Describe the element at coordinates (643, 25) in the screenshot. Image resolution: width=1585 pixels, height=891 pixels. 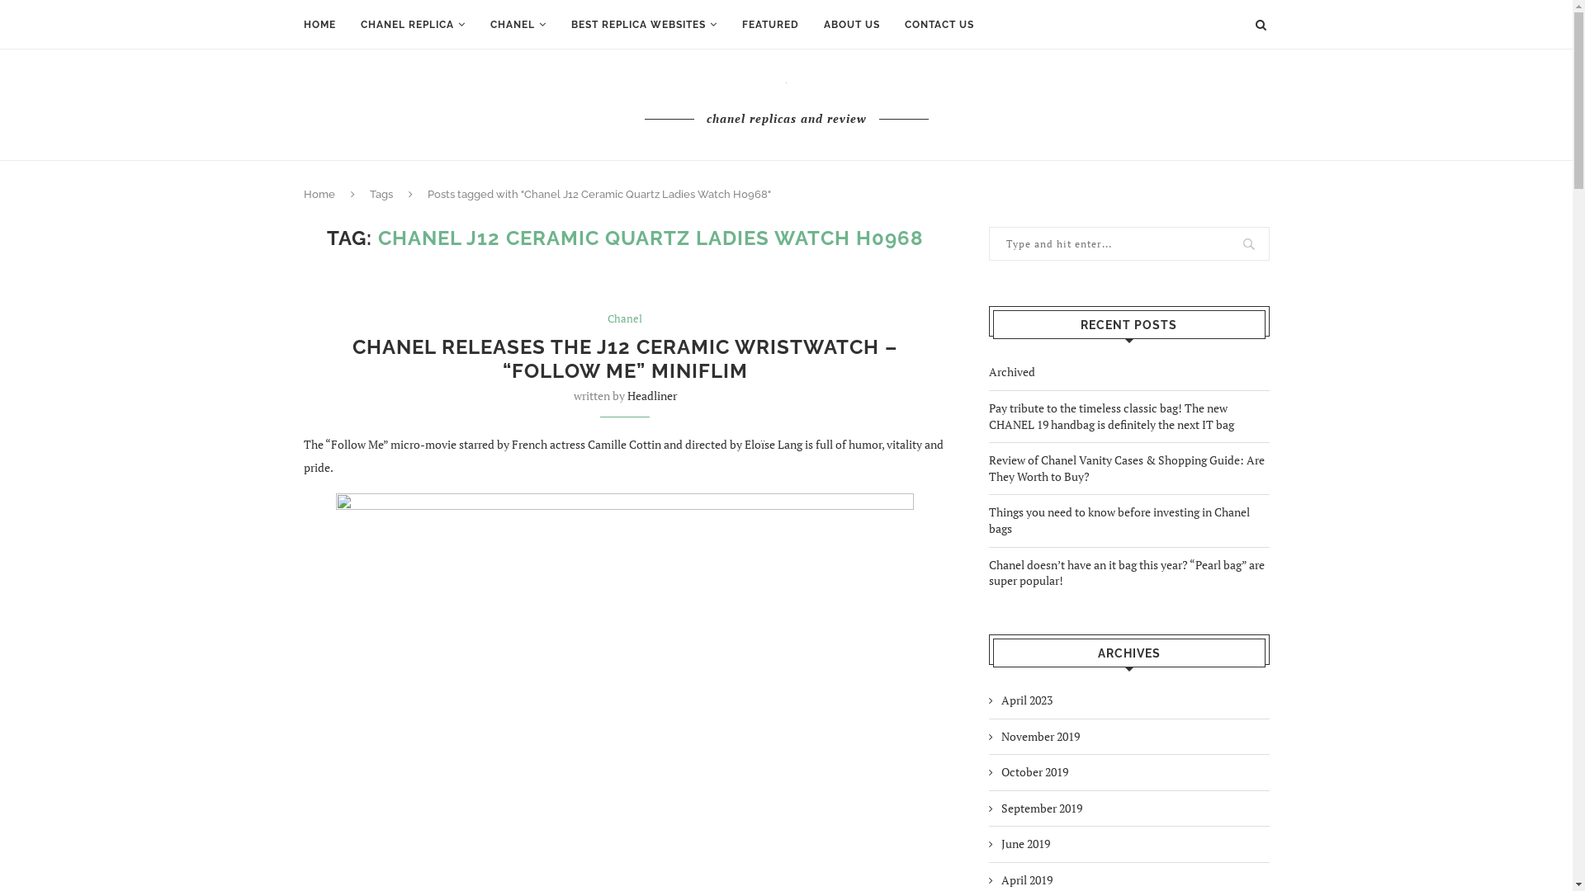
I see `'BEST REPLICA WEBSITES'` at that location.